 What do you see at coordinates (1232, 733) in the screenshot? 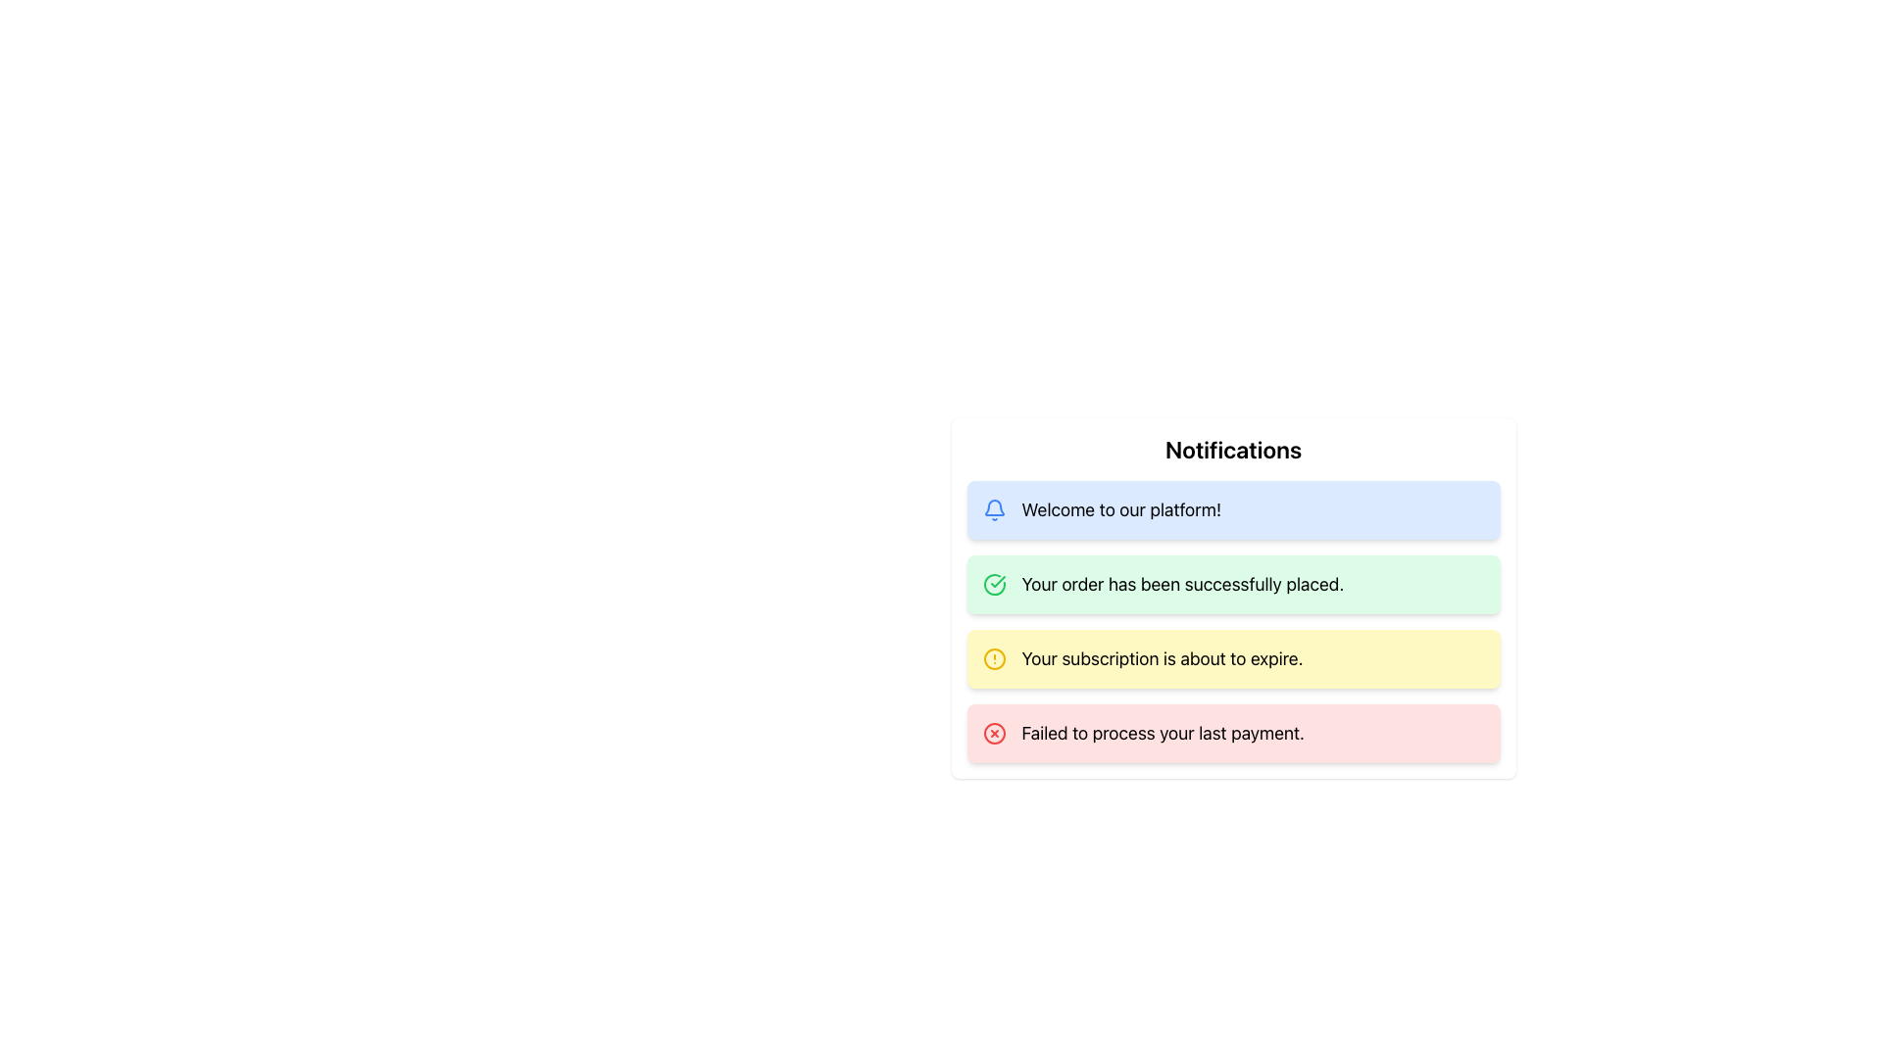
I see `text content of the alert notification box indicating a failed payment process, which is the fourth in a vertical list of notifications` at bounding box center [1232, 733].